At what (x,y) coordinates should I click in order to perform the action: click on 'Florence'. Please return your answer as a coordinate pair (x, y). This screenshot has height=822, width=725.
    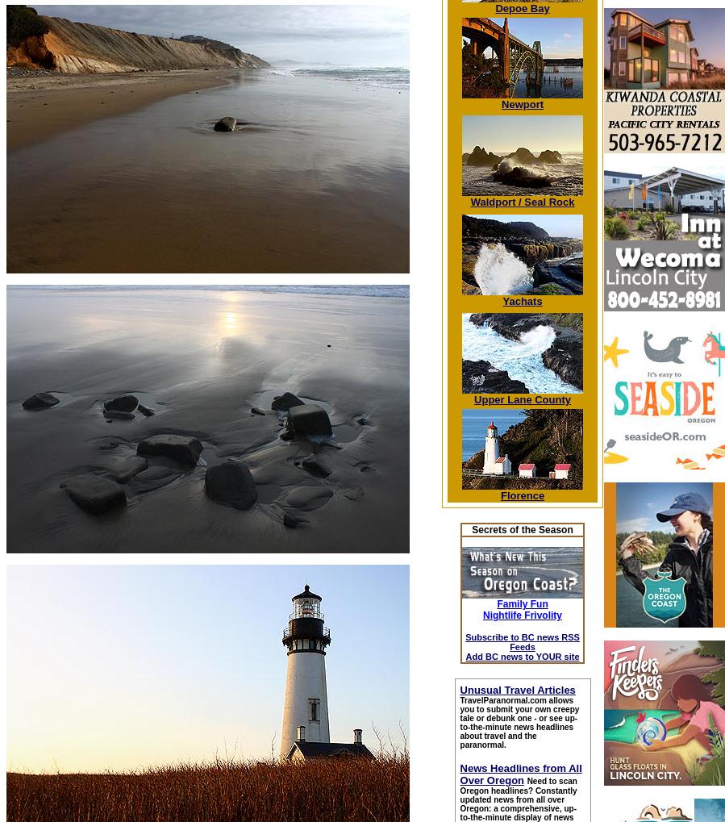
    Looking at the image, I should click on (521, 495).